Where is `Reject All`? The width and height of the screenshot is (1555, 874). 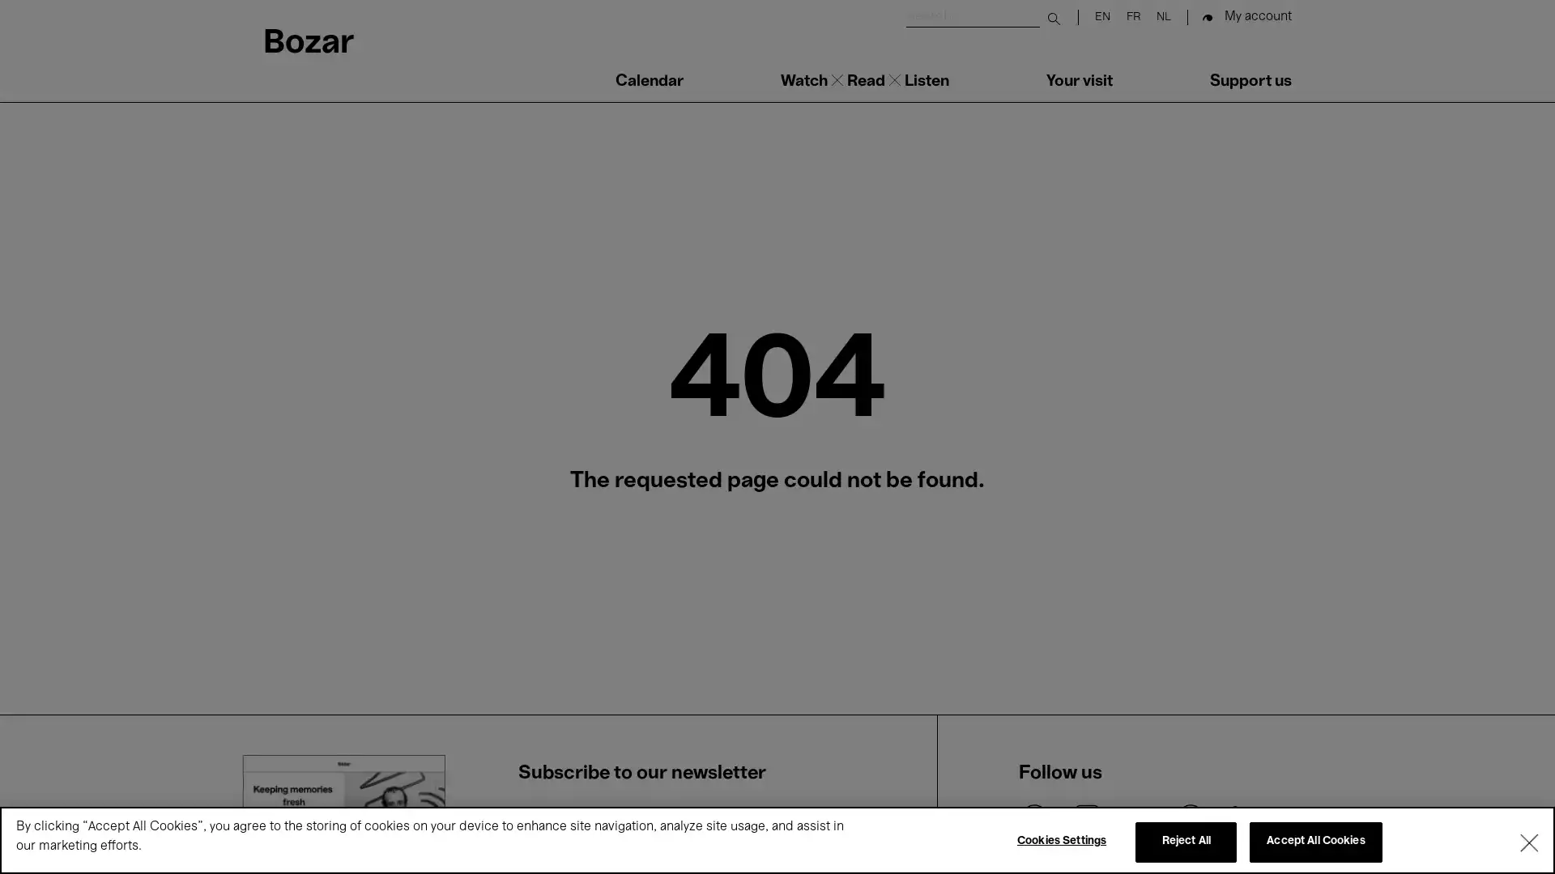 Reject All is located at coordinates (1186, 841).